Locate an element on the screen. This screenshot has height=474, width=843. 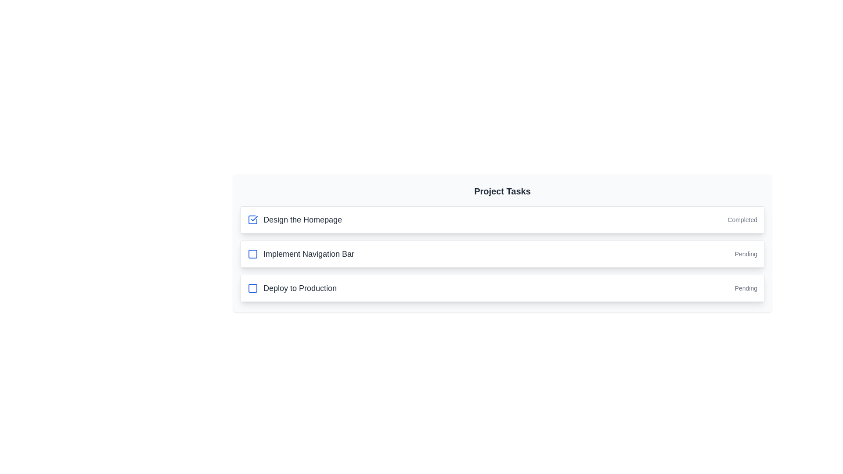
the checkbox for the task 'Implement Navigation Bar' is located at coordinates (252, 254).